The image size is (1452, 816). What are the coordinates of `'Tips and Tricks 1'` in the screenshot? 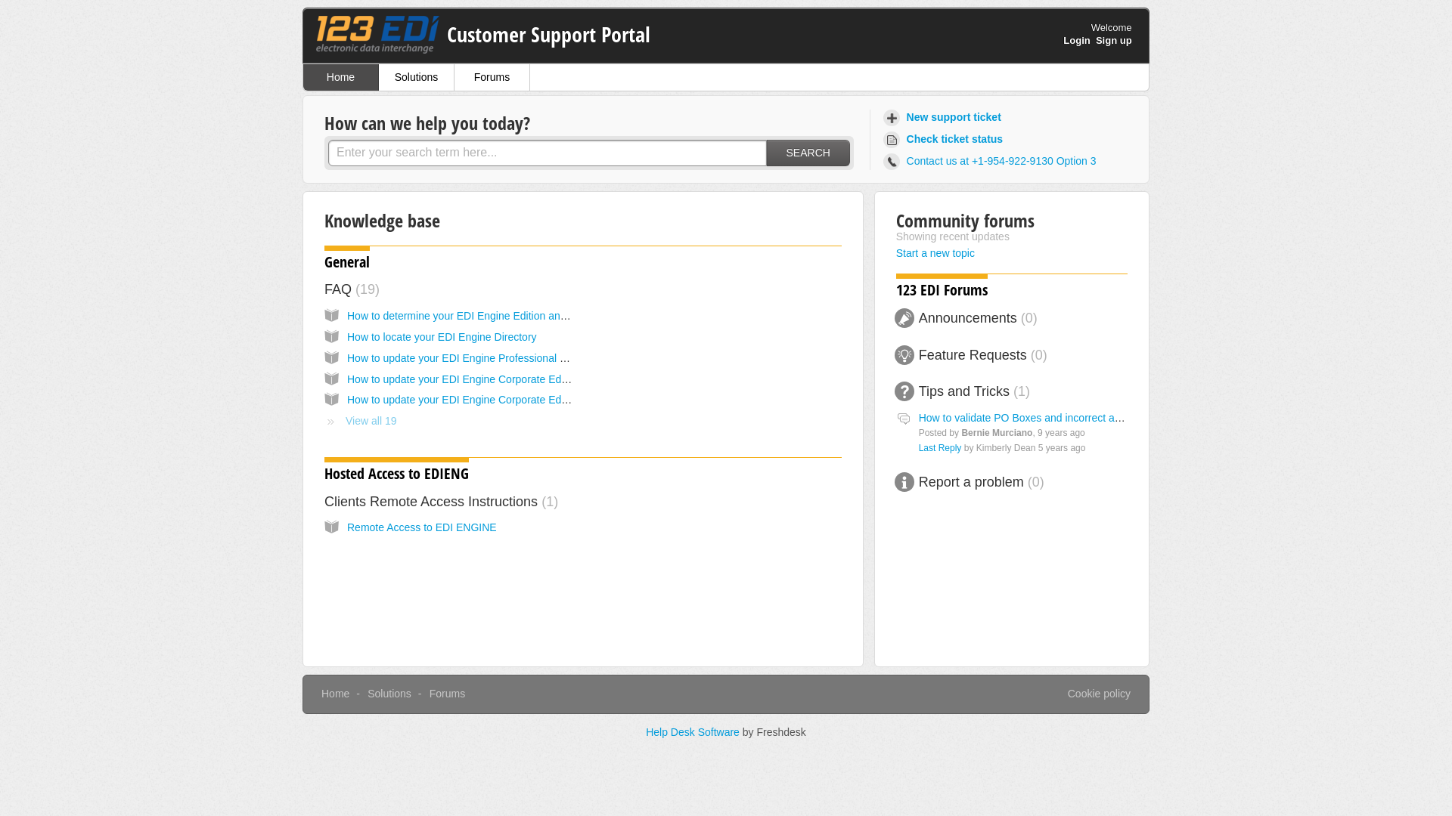 It's located at (974, 390).